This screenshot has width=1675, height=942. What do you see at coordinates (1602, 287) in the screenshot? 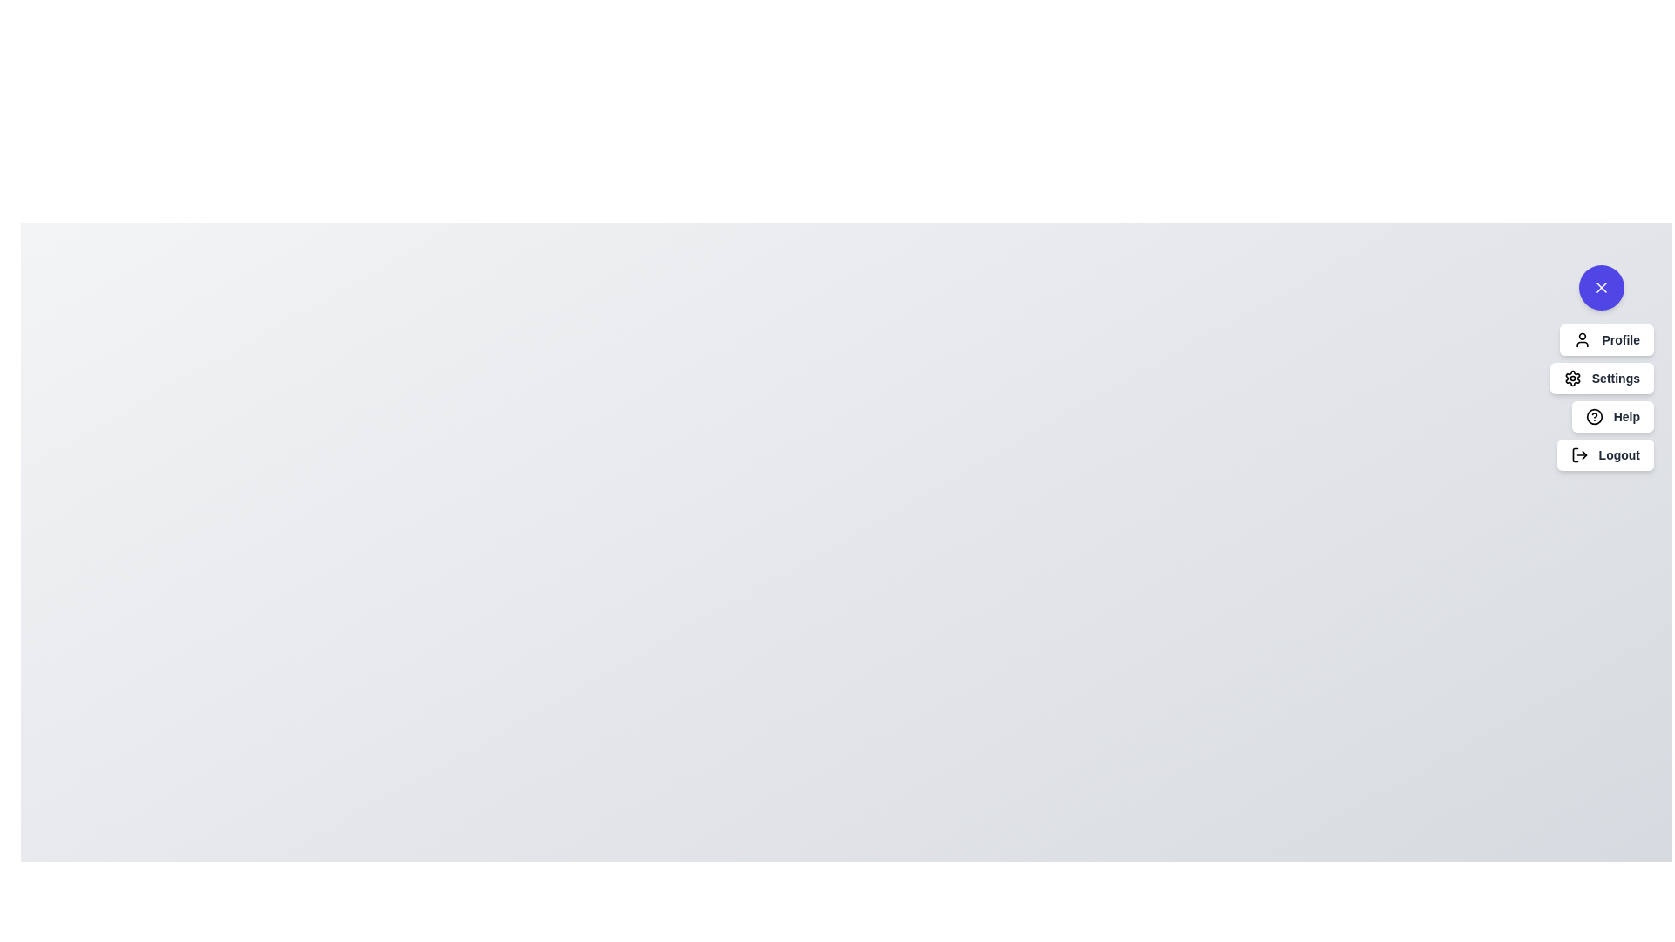
I see `toggle button to toggle the menu open or closed` at bounding box center [1602, 287].